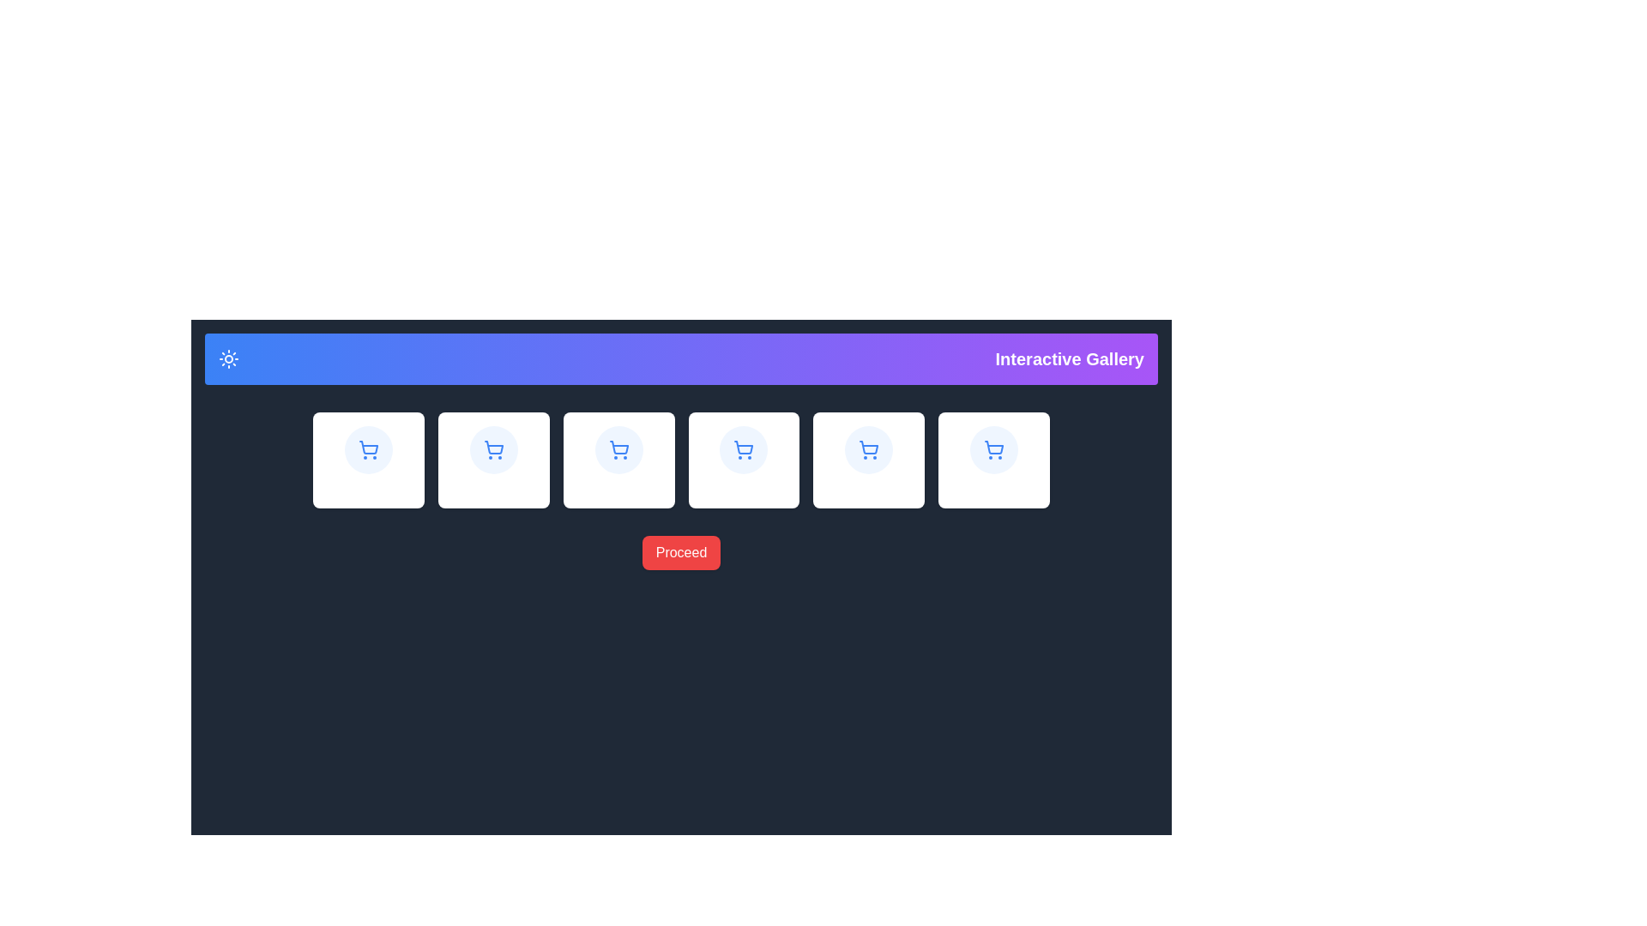 The width and height of the screenshot is (1647, 926). I want to click on the blue shopping cart icon, which is the third from the left in the middle row of a grid layout, so click(492, 447).